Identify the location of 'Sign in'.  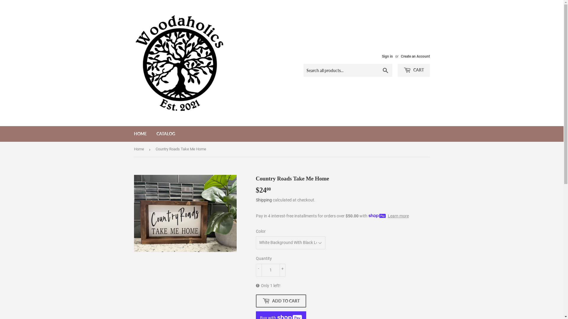
(387, 56).